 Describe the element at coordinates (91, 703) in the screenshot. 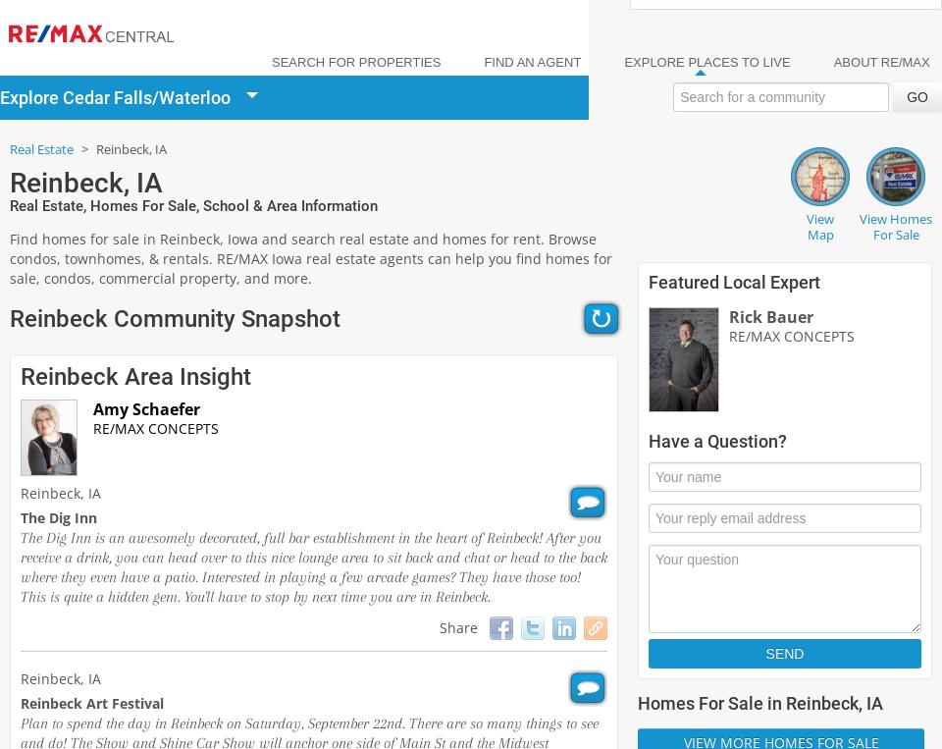

I see `'Reinbeck Art Festival'` at that location.